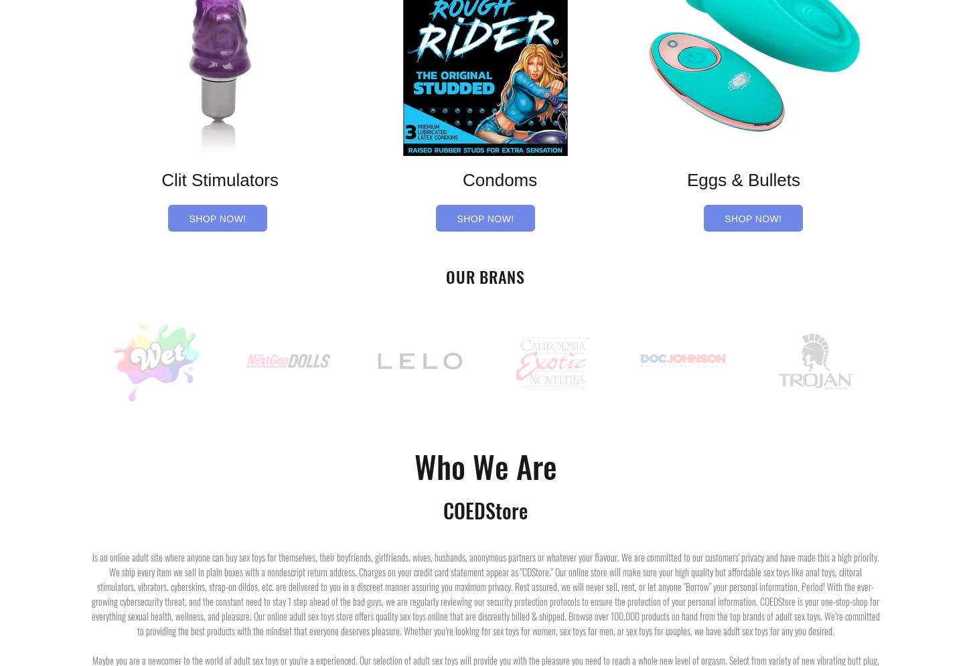 Image resolution: width=971 pixels, height=666 pixels. What do you see at coordinates (217, 179) in the screenshot?
I see `'Clit Stimulators'` at bounding box center [217, 179].